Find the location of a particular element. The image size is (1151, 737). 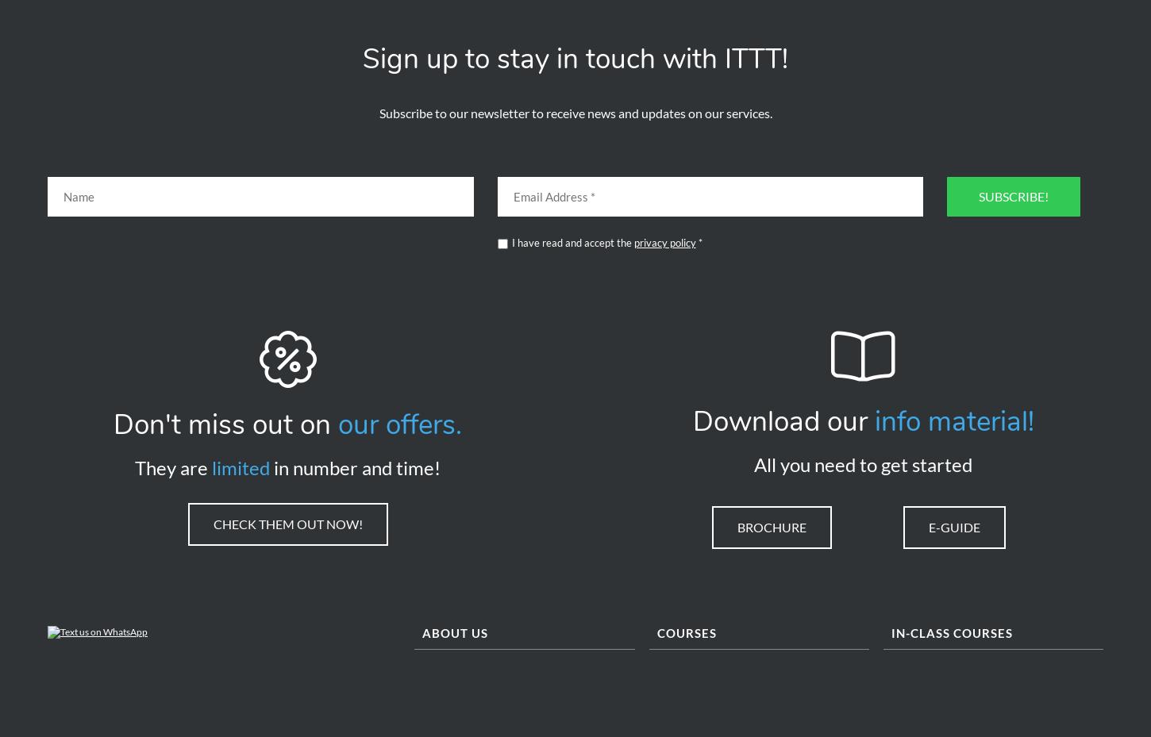

'in number and time!' is located at coordinates (354, 472).